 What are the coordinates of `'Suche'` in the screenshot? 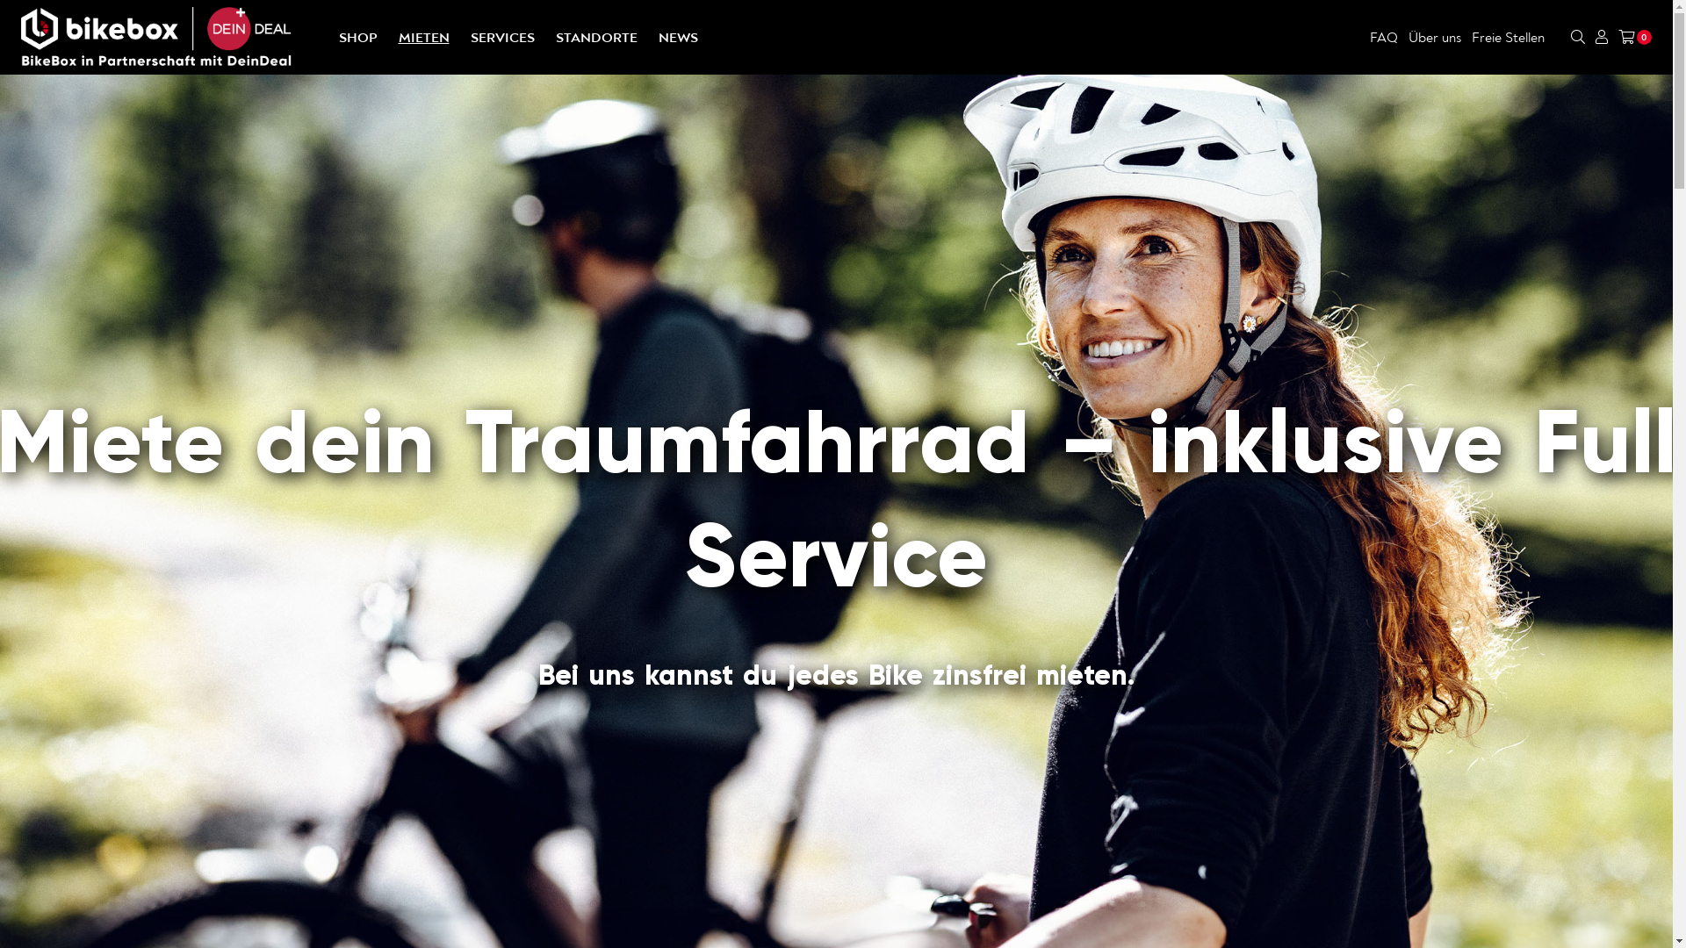 It's located at (1571, 37).